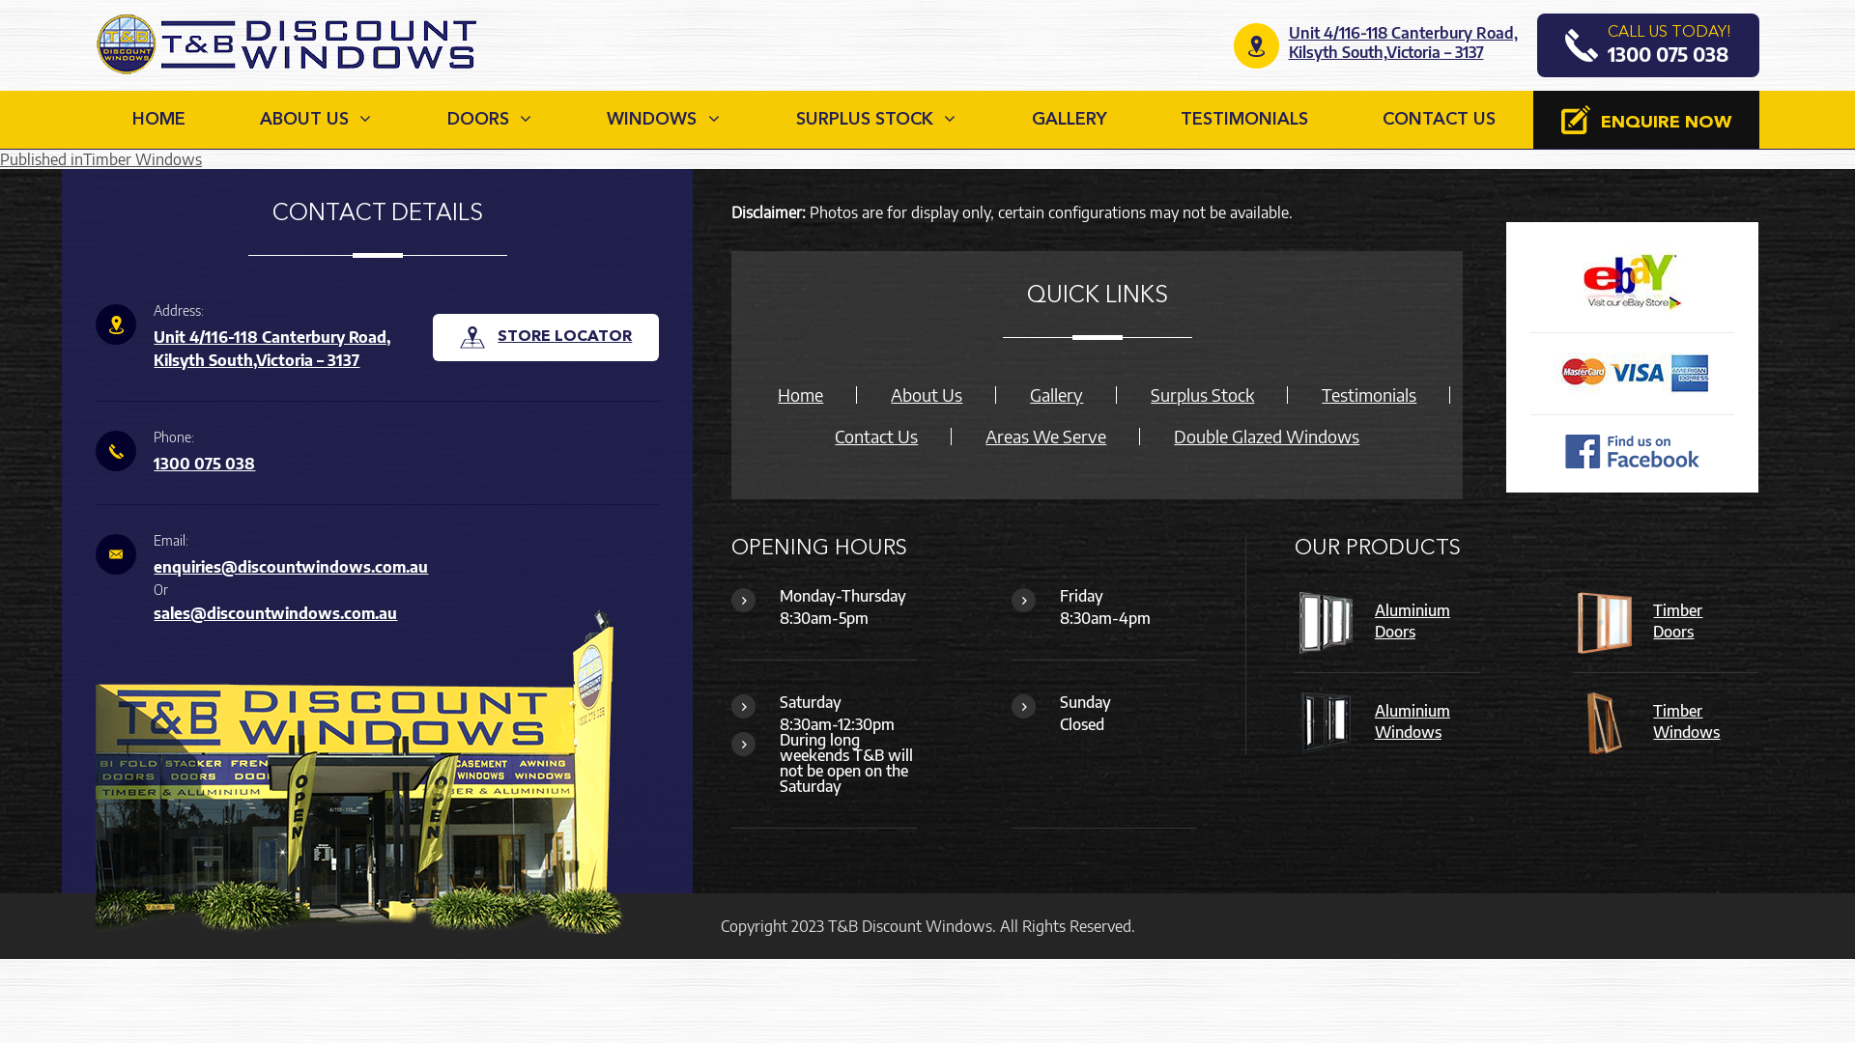 The width and height of the screenshot is (1855, 1043). What do you see at coordinates (1367, 393) in the screenshot?
I see `'Testimonials'` at bounding box center [1367, 393].